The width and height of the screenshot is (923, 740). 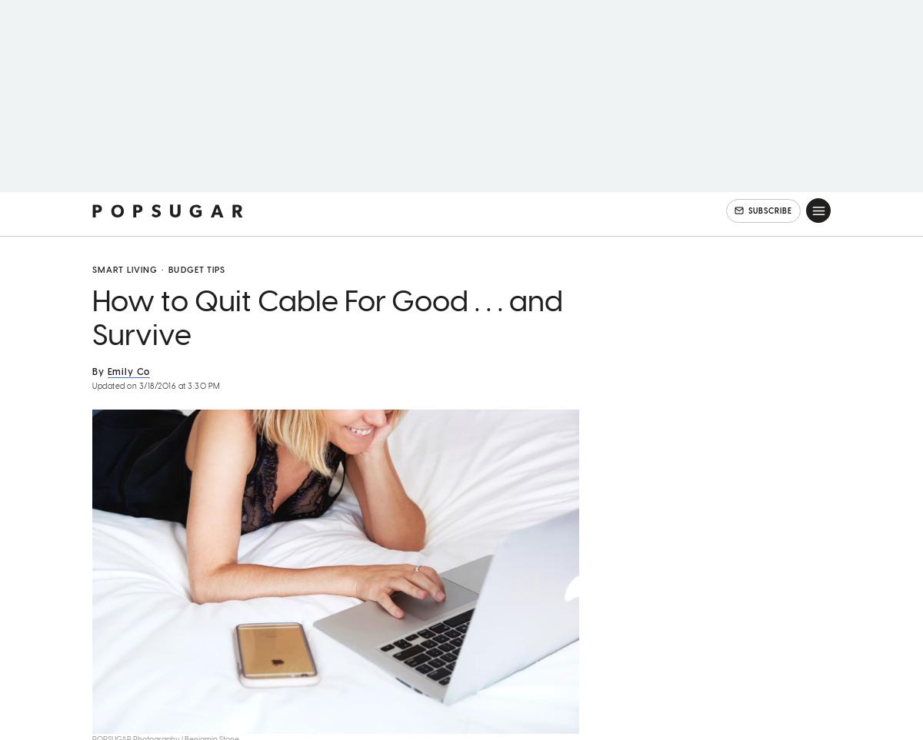 I want to click on 'Updated on 3/18/2016 at 3:30 PM', so click(x=155, y=406).